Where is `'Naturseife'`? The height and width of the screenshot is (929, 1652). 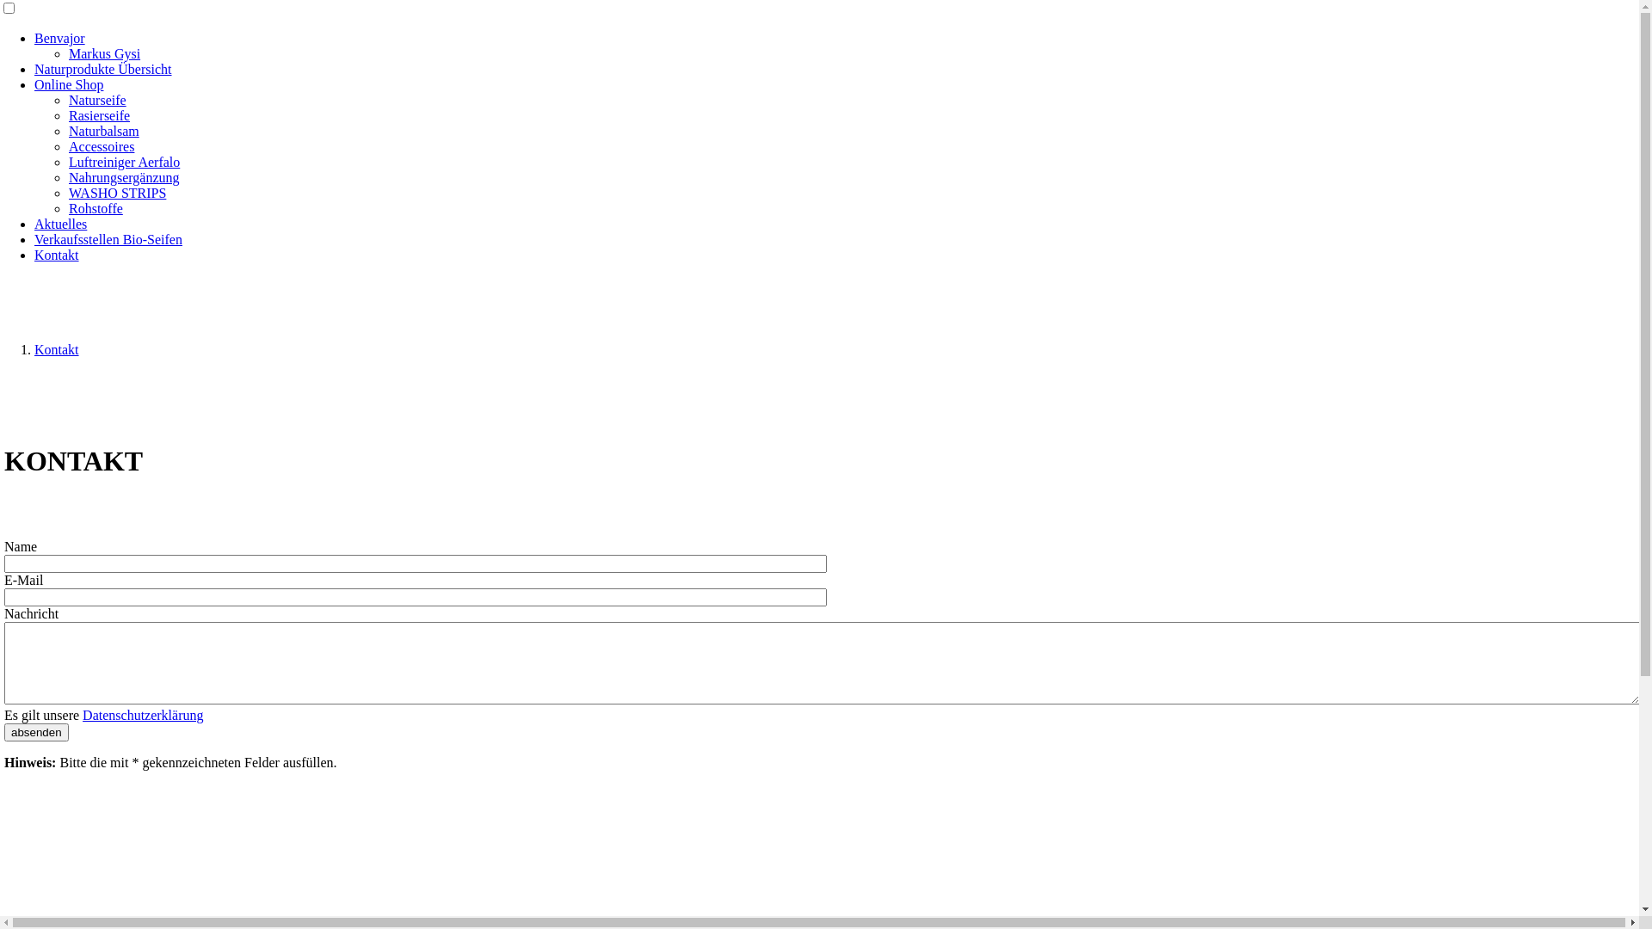 'Naturseife' is located at coordinates (96, 100).